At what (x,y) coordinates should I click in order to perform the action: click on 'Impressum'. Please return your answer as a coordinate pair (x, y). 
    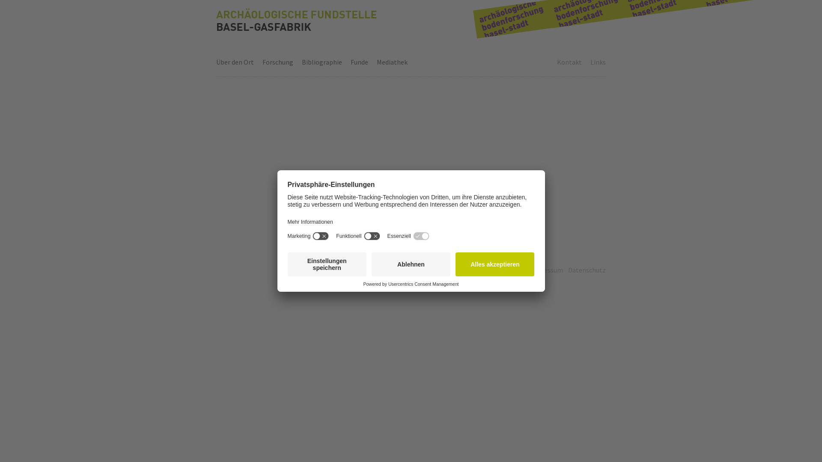
    Looking at the image, I should click on (529, 270).